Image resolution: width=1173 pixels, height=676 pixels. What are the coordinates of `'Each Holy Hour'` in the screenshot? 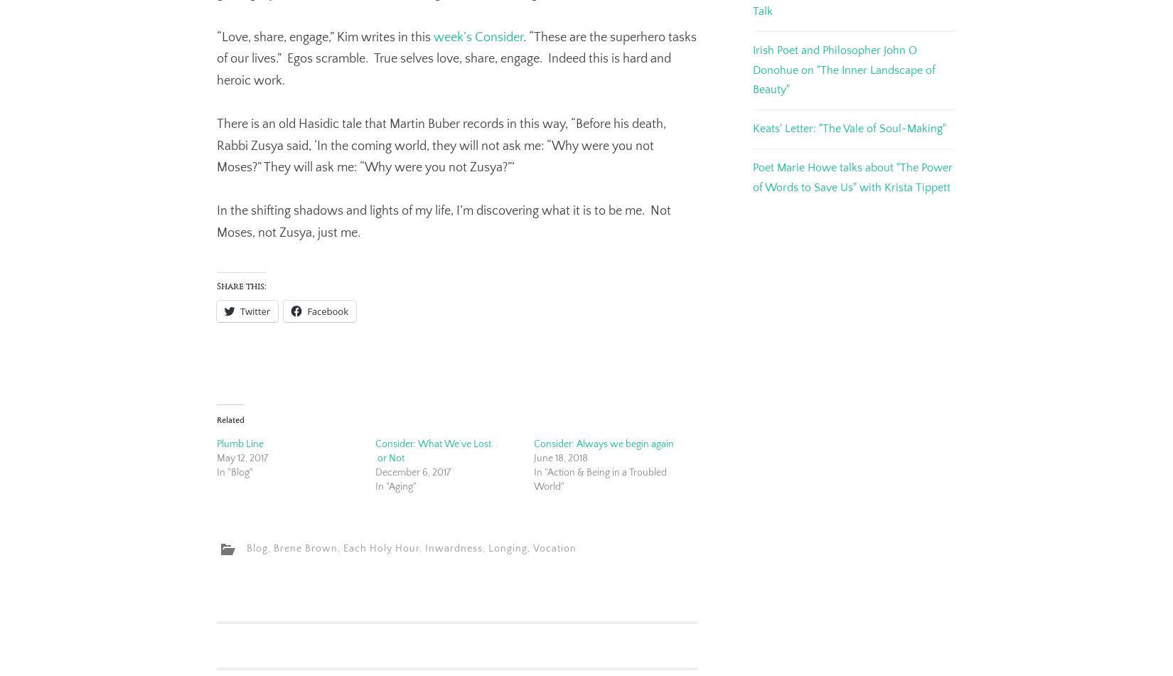 It's located at (380, 548).